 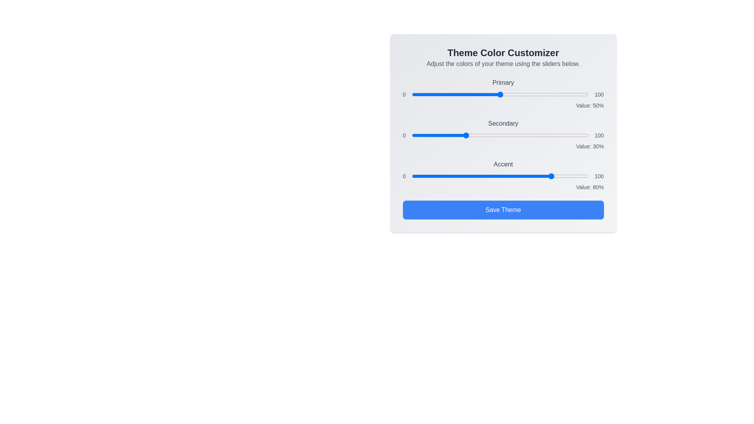 What do you see at coordinates (473, 135) in the screenshot?
I see `the 'Secondary' color slider to 35%` at bounding box center [473, 135].